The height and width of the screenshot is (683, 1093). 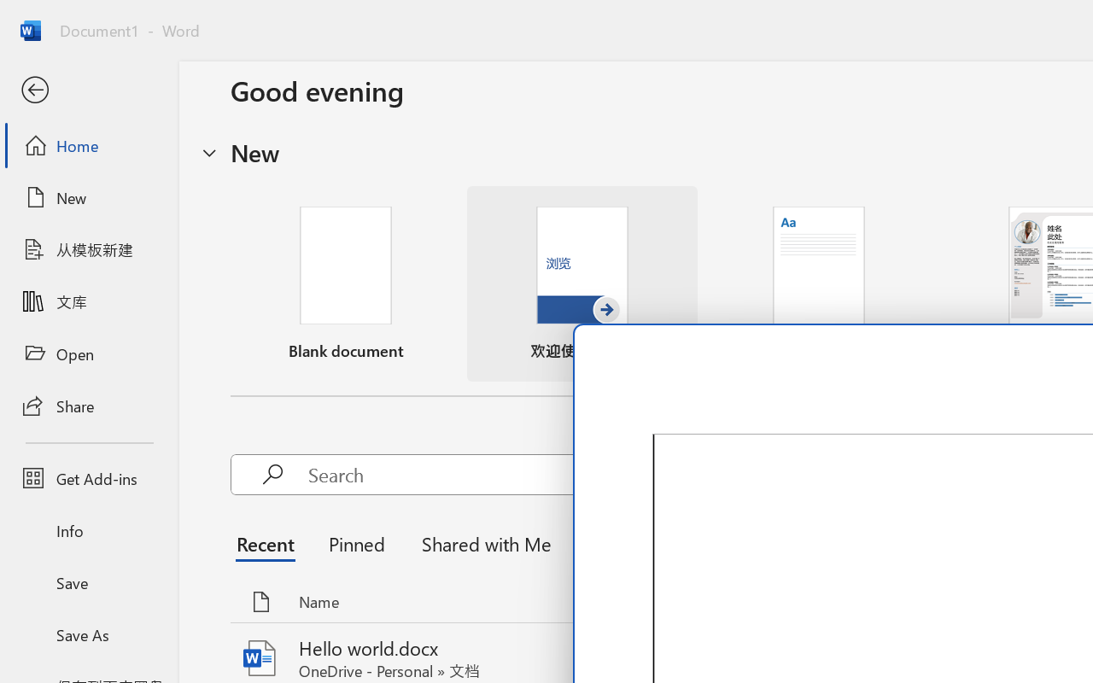 What do you see at coordinates (345, 283) in the screenshot?
I see `'Blank document'` at bounding box center [345, 283].